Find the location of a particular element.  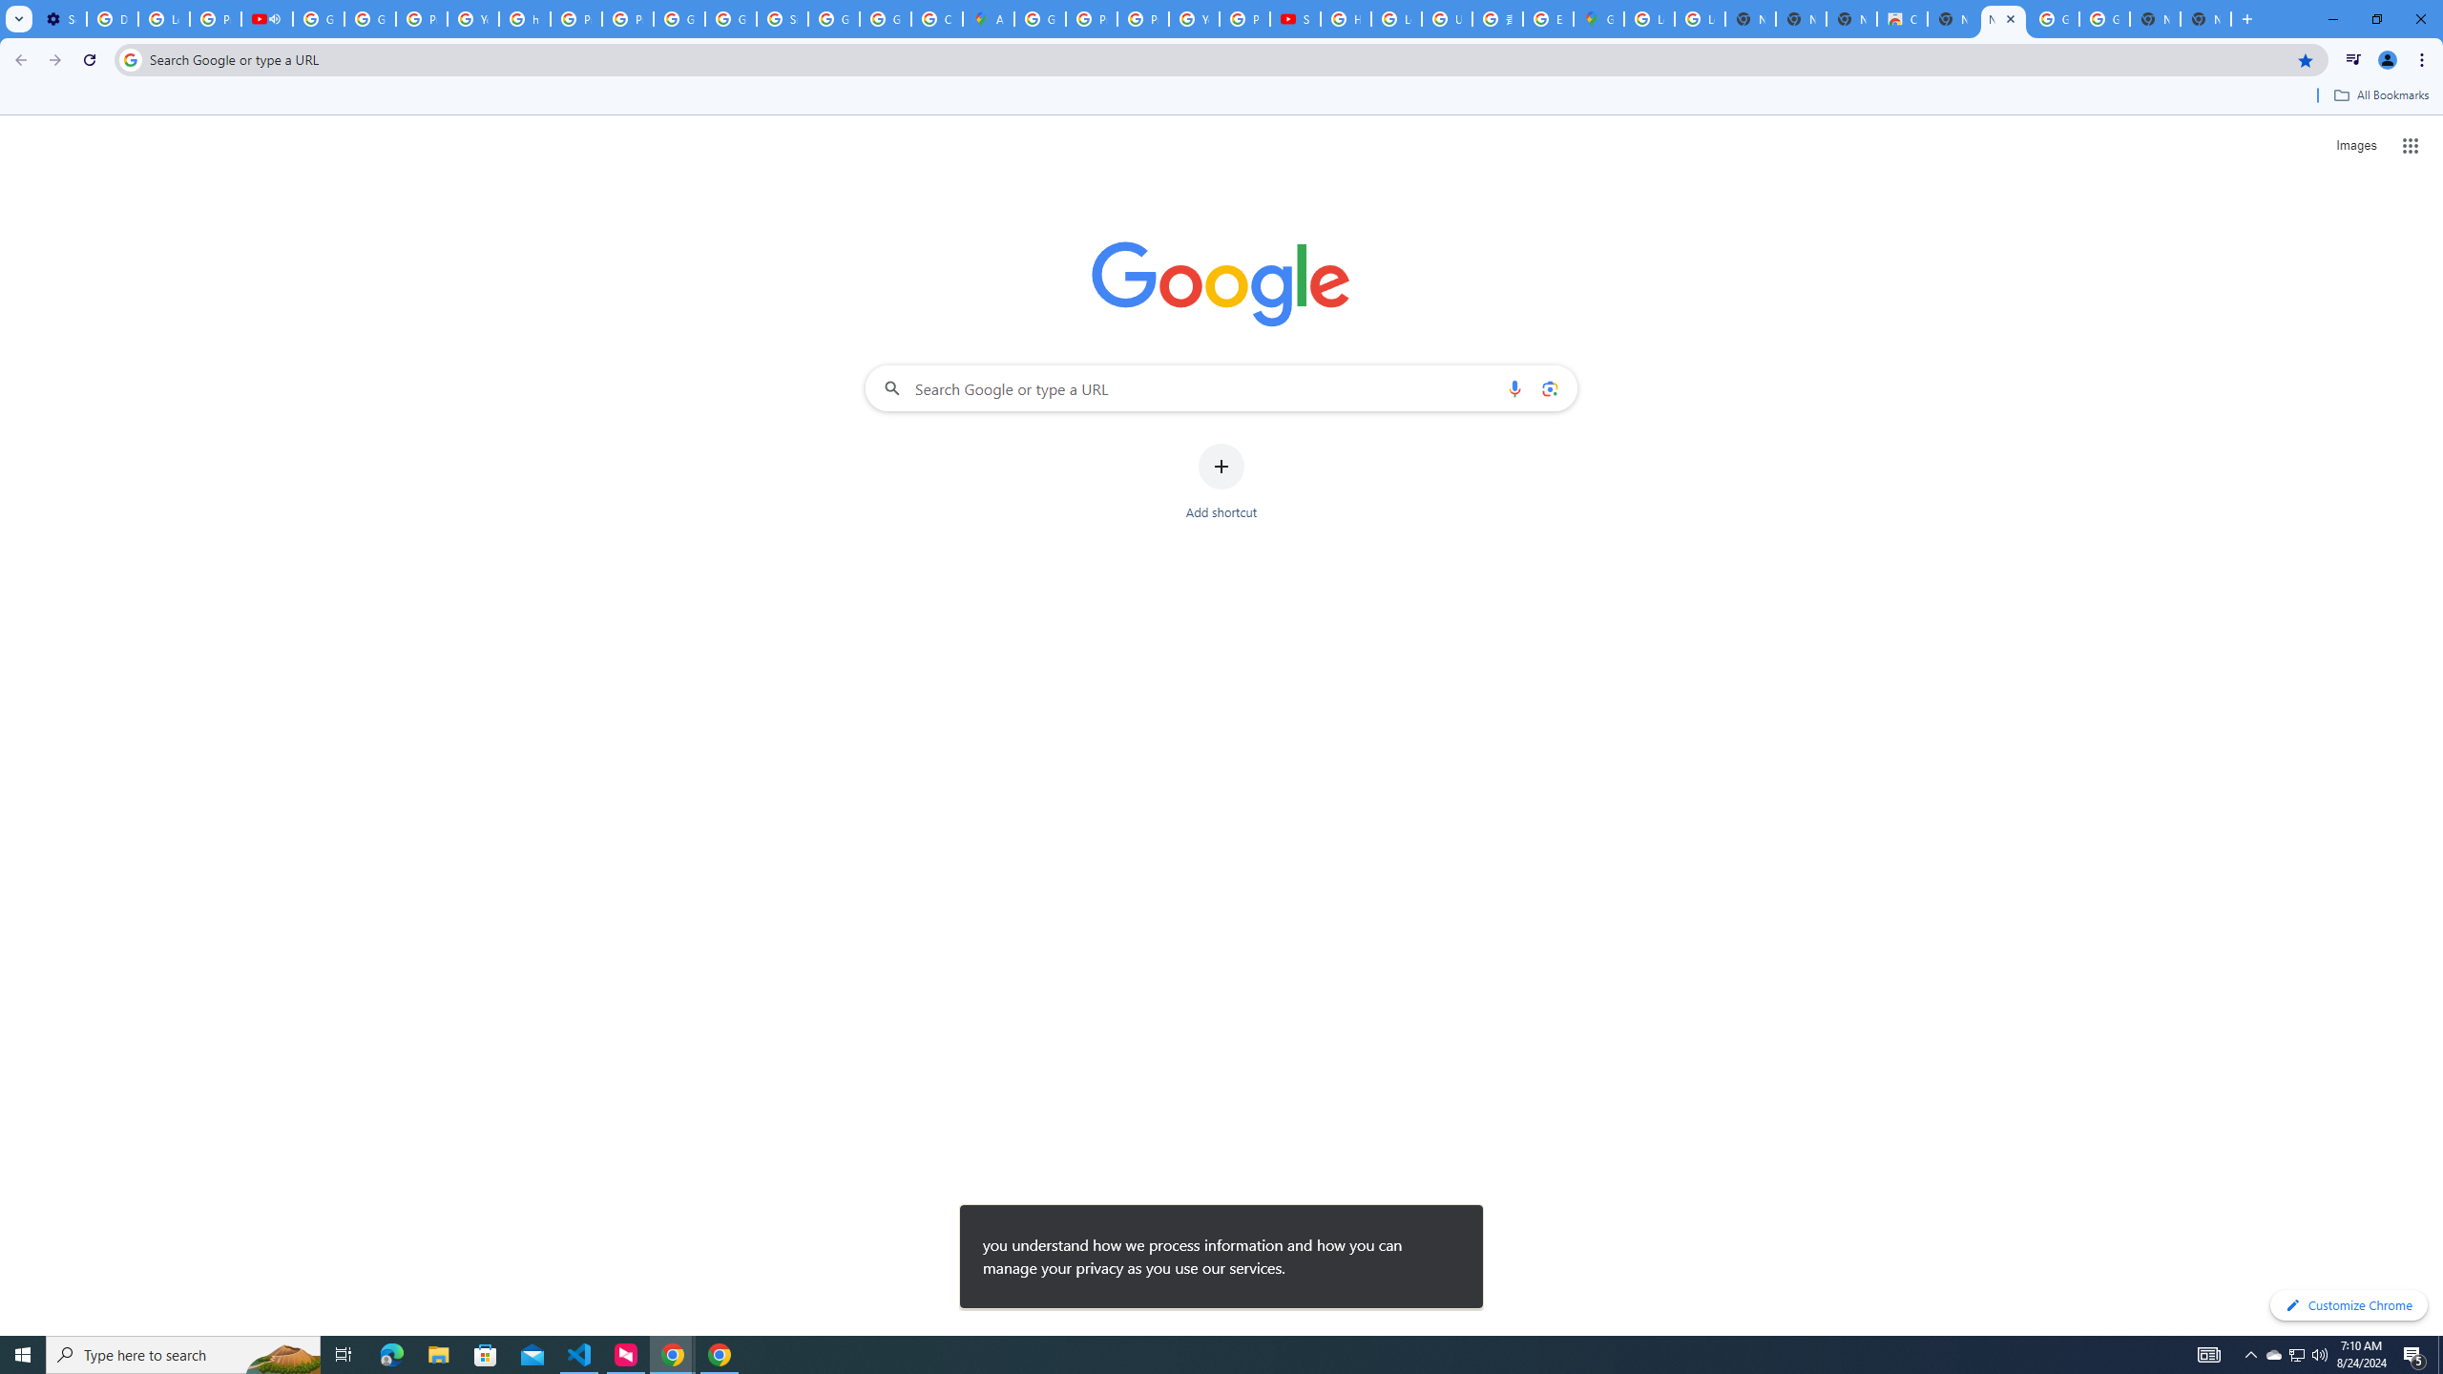

'How Chrome protects your passwords - Google Chrome Help' is located at coordinates (1346, 18).